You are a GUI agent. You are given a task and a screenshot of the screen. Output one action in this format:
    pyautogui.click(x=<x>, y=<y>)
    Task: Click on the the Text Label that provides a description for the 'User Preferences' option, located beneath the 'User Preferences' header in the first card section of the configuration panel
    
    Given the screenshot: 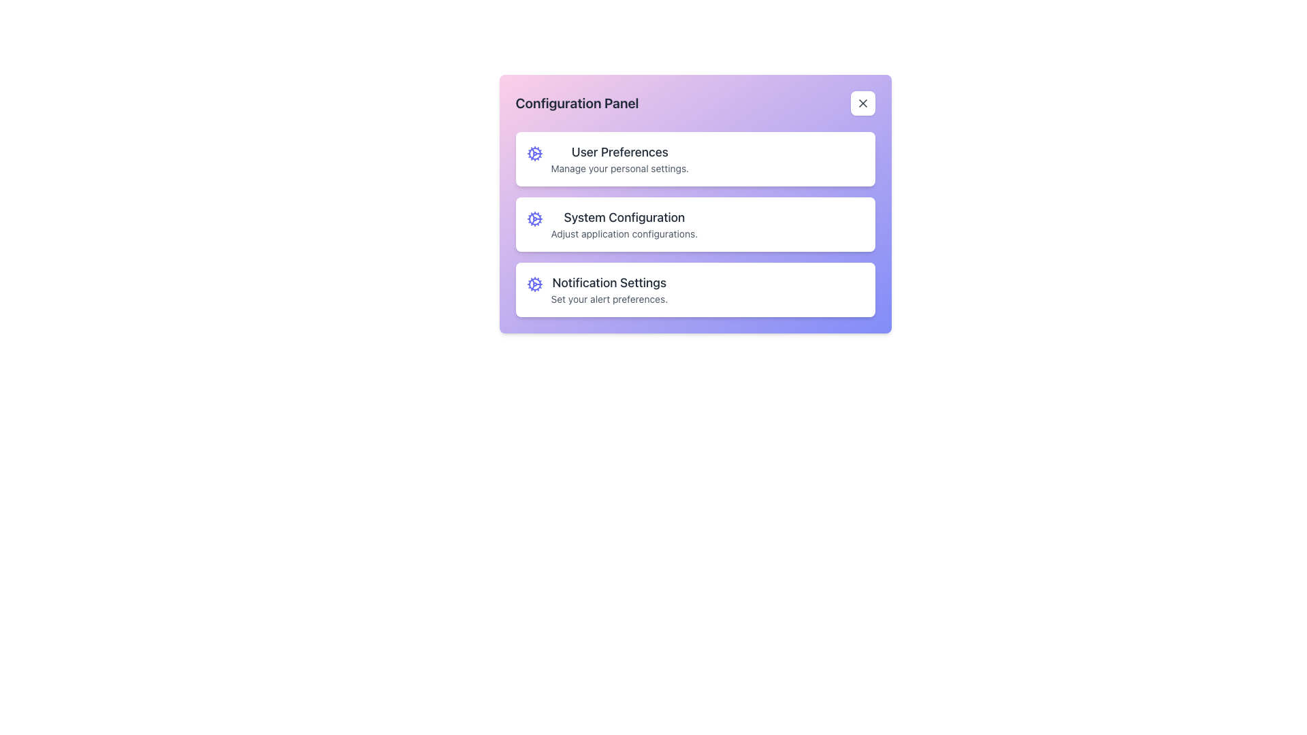 What is the action you would take?
    pyautogui.click(x=619, y=167)
    